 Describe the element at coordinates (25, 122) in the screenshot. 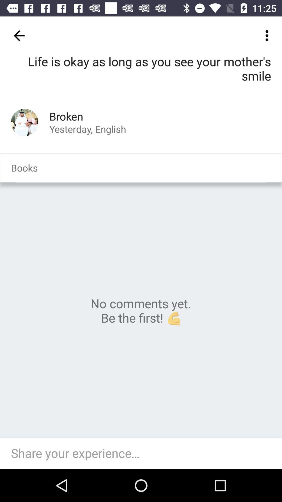

I see `the item next to the broken` at that location.